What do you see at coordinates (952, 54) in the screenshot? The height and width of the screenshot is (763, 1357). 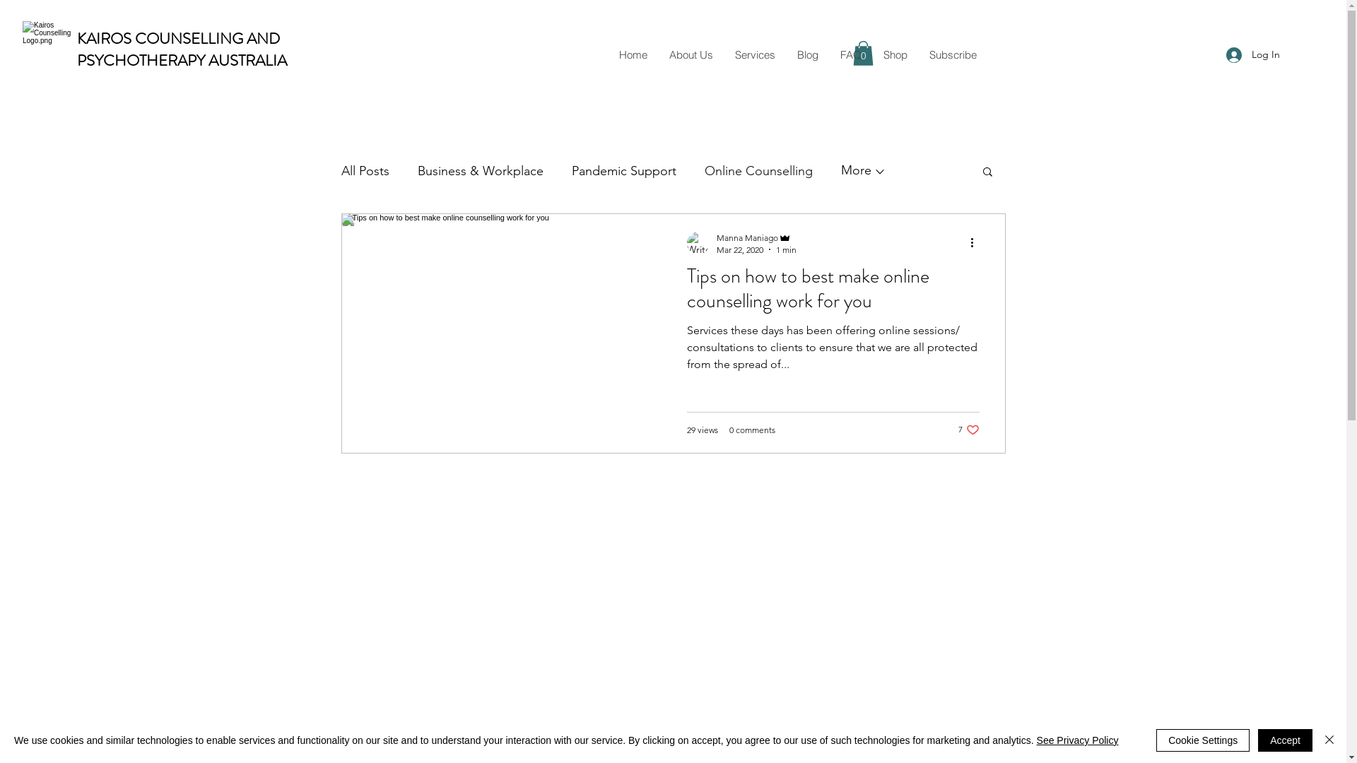 I see `'Subscribe'` at bounding box center [952, 54].